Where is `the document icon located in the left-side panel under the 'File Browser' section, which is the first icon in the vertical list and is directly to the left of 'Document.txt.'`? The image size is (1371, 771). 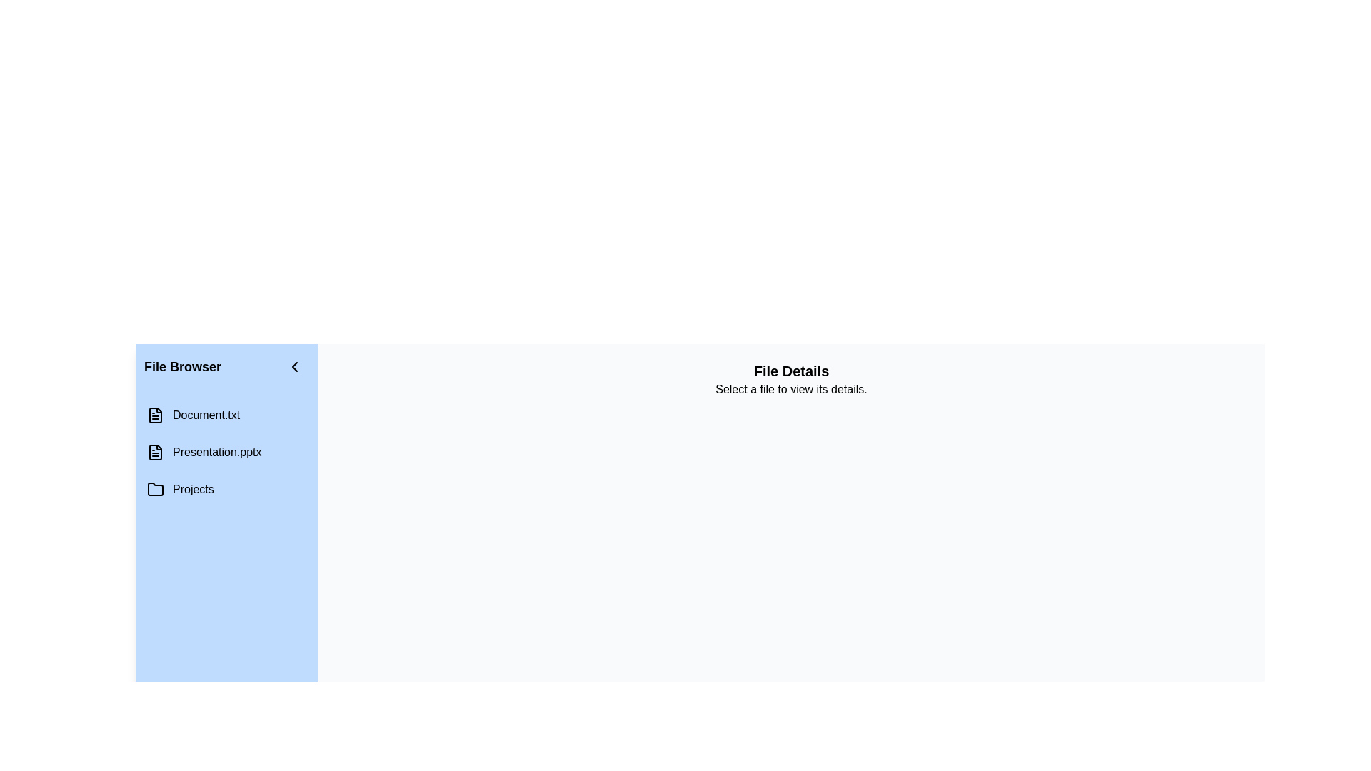 the document icon located in the left-side panel under the 'File Browser' section, which is the first icon in the vertical list and is directly to the left of 'Document.txt.' is located at coordinates (155, 415).